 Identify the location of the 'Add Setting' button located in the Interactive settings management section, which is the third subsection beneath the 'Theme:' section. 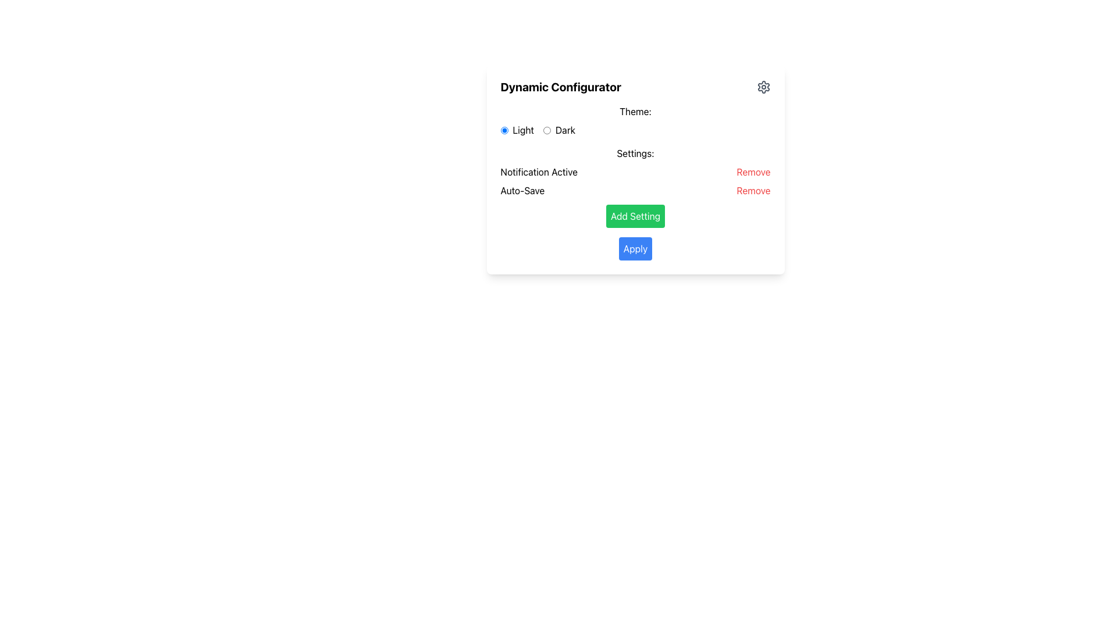
(635, 186).